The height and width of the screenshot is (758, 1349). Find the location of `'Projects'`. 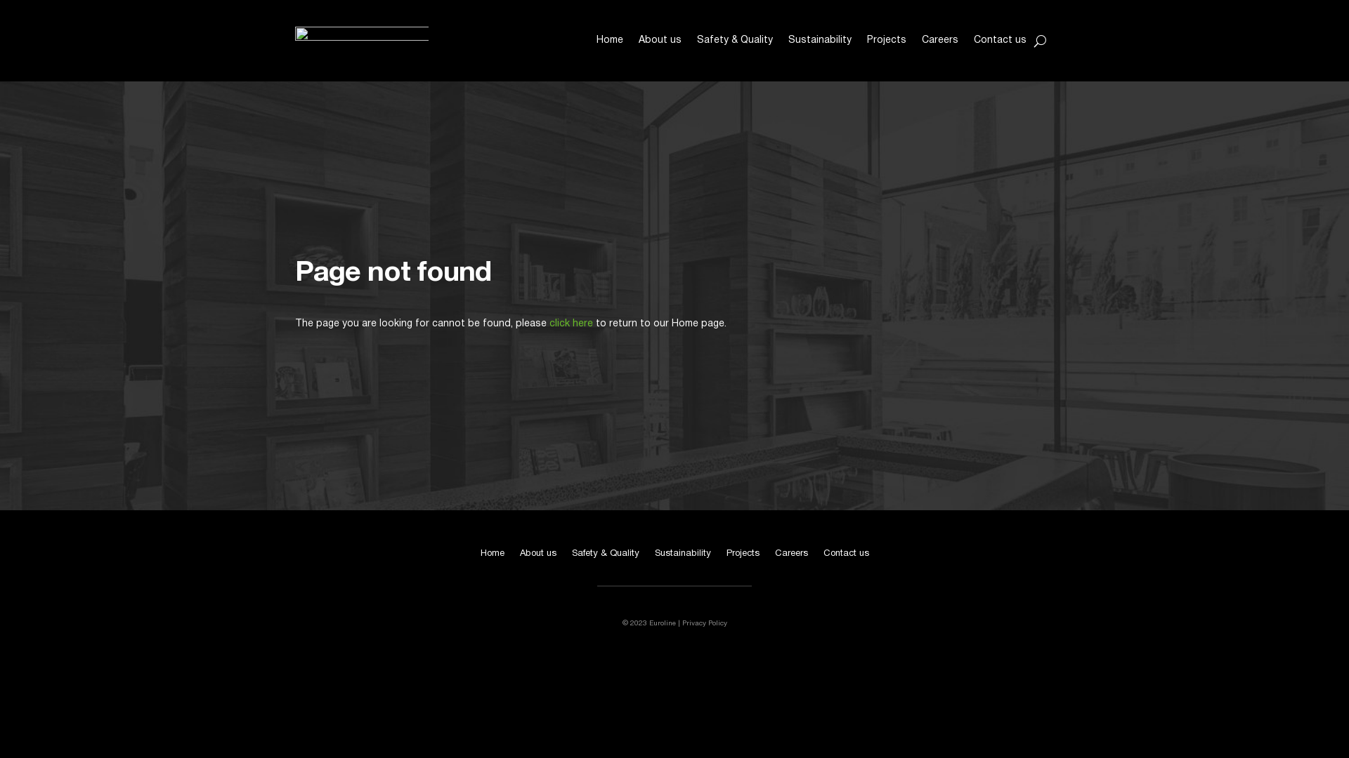

'Projects' is located at coordinates (866, 39).